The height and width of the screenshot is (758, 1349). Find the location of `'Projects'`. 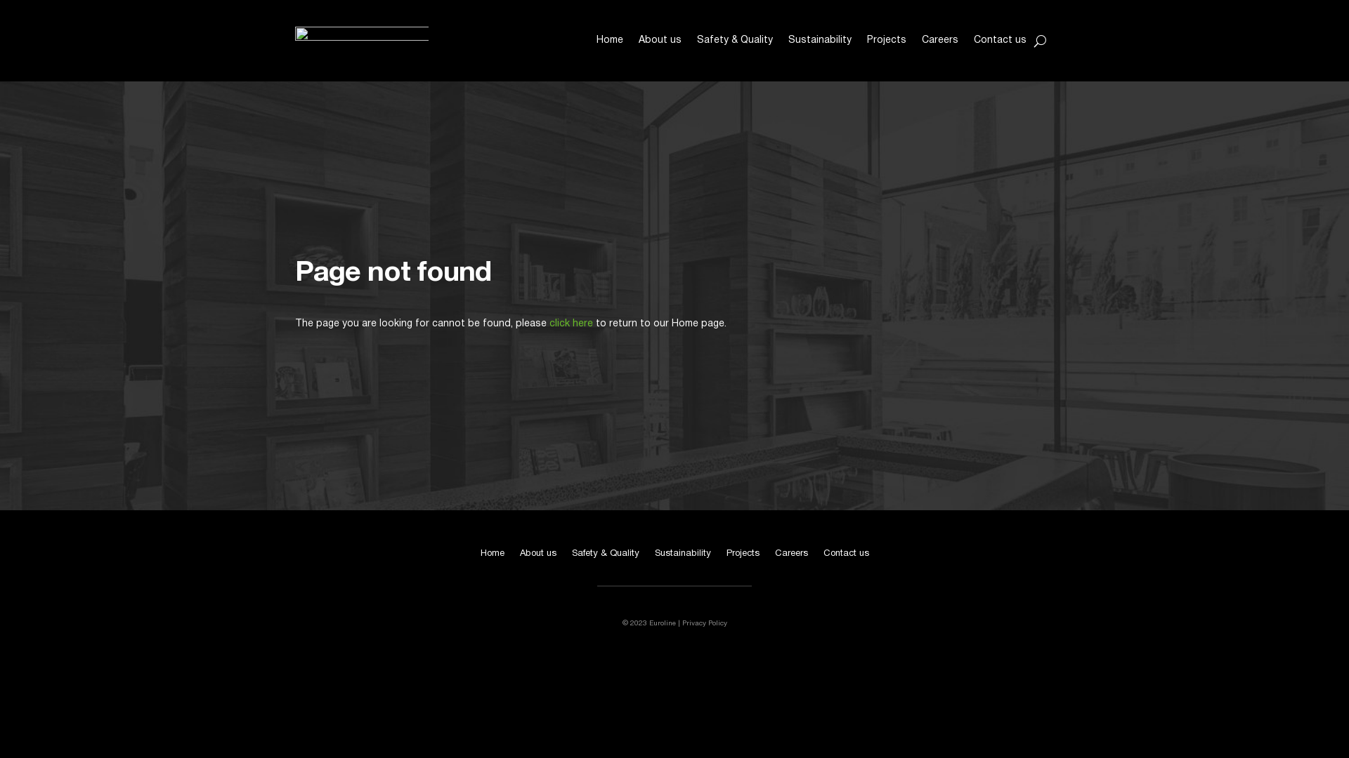

'Projects' is located at coordinates (866, 39).